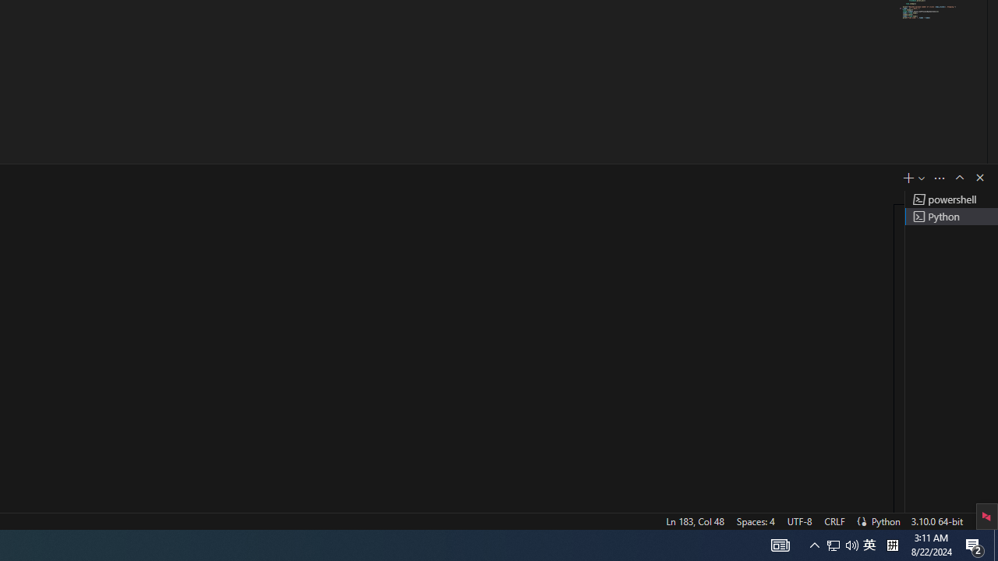 The image size is (998, 561). What do you see at coordinates (755, 520) in the screenshot?
I see `'Spaces: 4'` at bounding box center [755, 520].